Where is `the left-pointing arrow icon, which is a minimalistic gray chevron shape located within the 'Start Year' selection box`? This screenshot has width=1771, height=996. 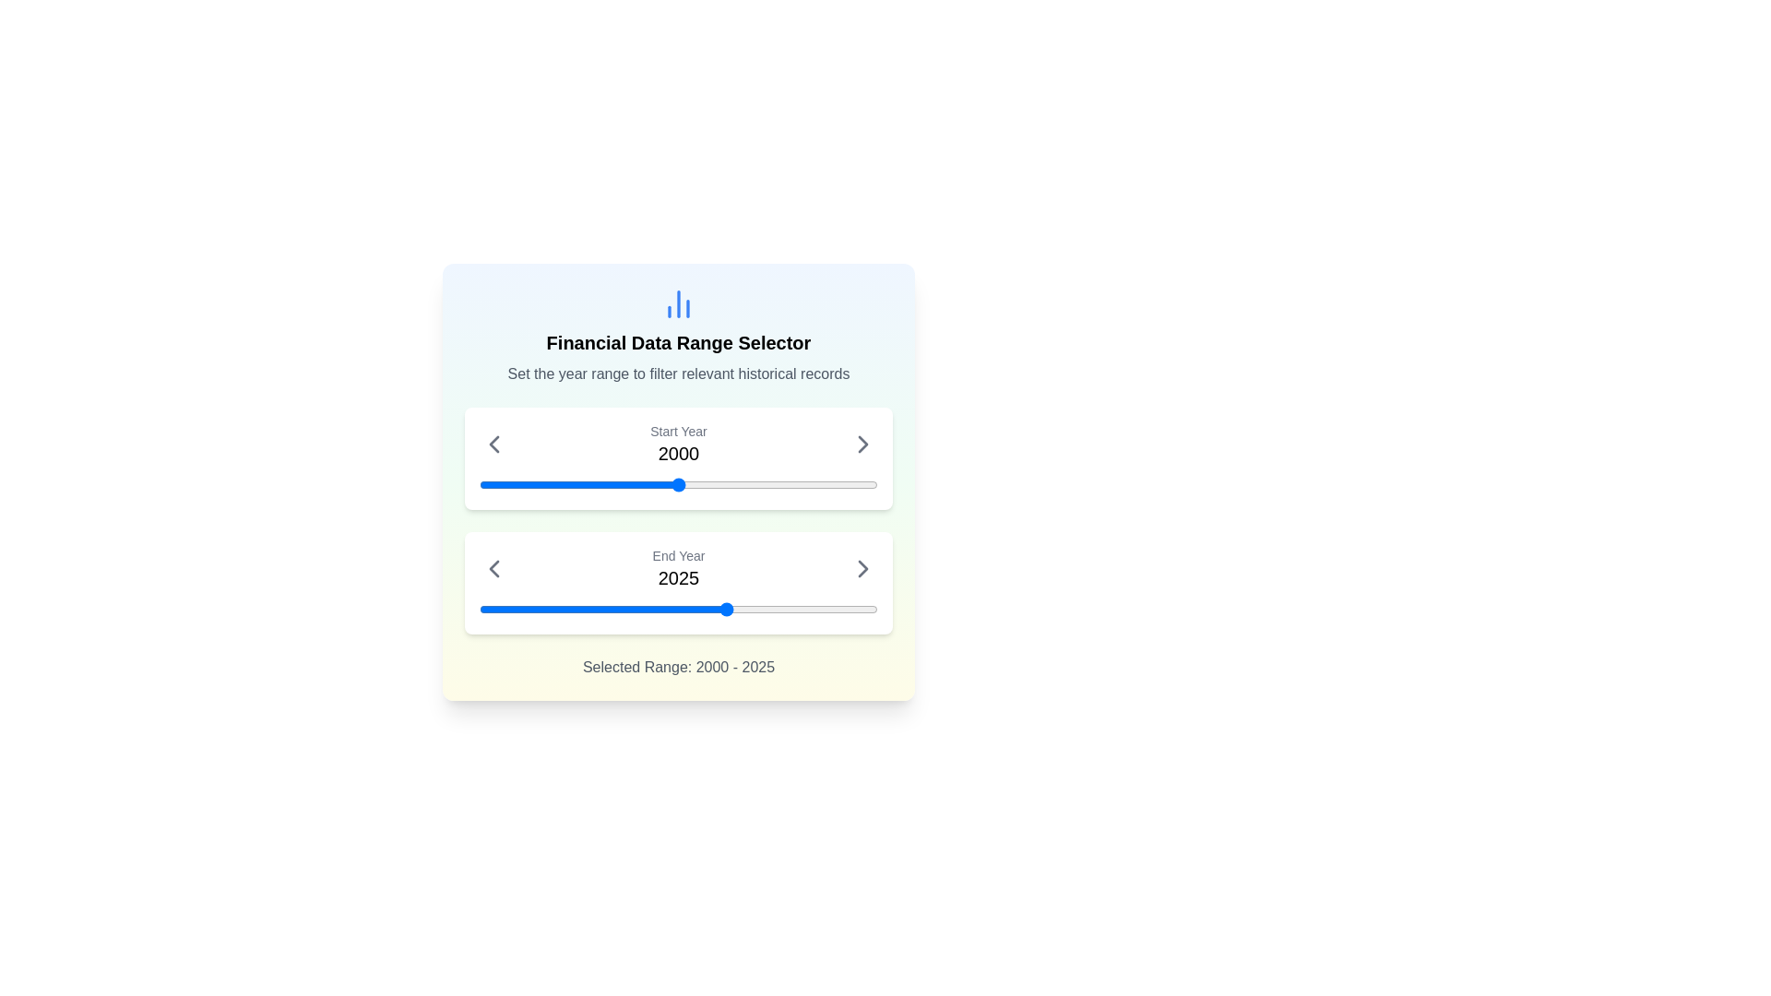
the left-pointing arrow icon, which is a minimalistic gray chevron shape located within the 'Start Year' selection box is located at coordinates (494, 568).